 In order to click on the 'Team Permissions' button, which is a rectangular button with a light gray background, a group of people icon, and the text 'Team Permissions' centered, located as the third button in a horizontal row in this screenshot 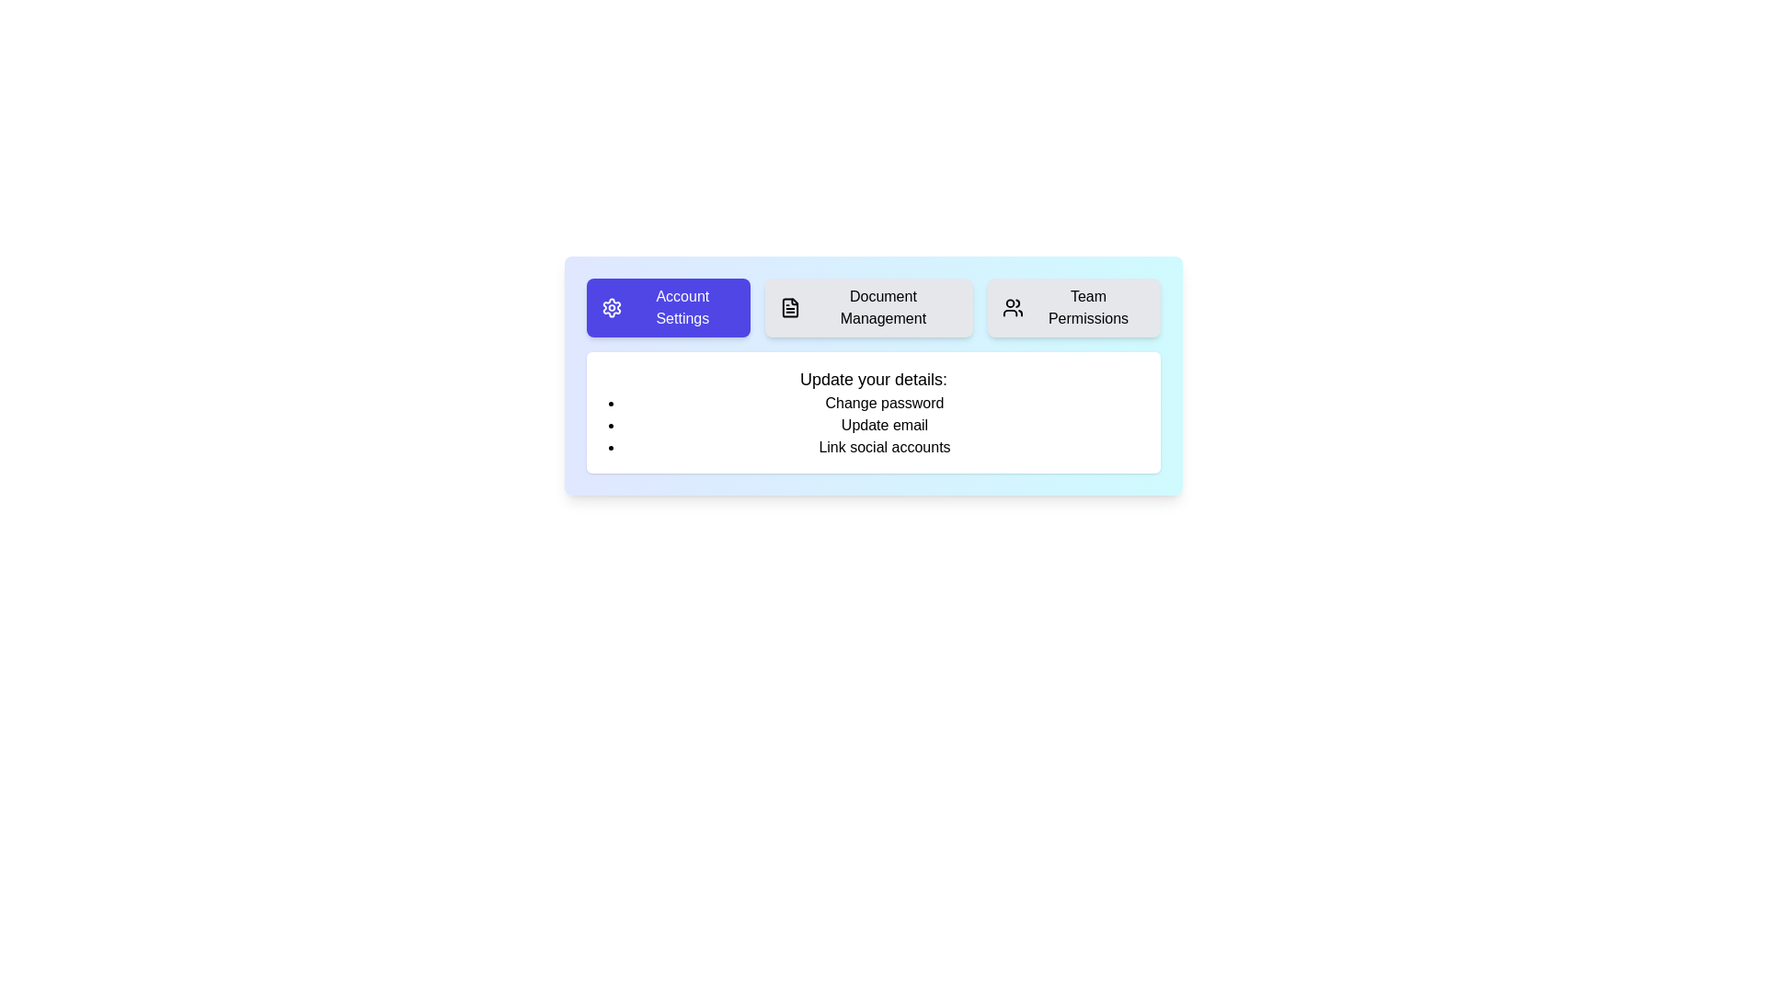, I will do `click(1074, 307)`.